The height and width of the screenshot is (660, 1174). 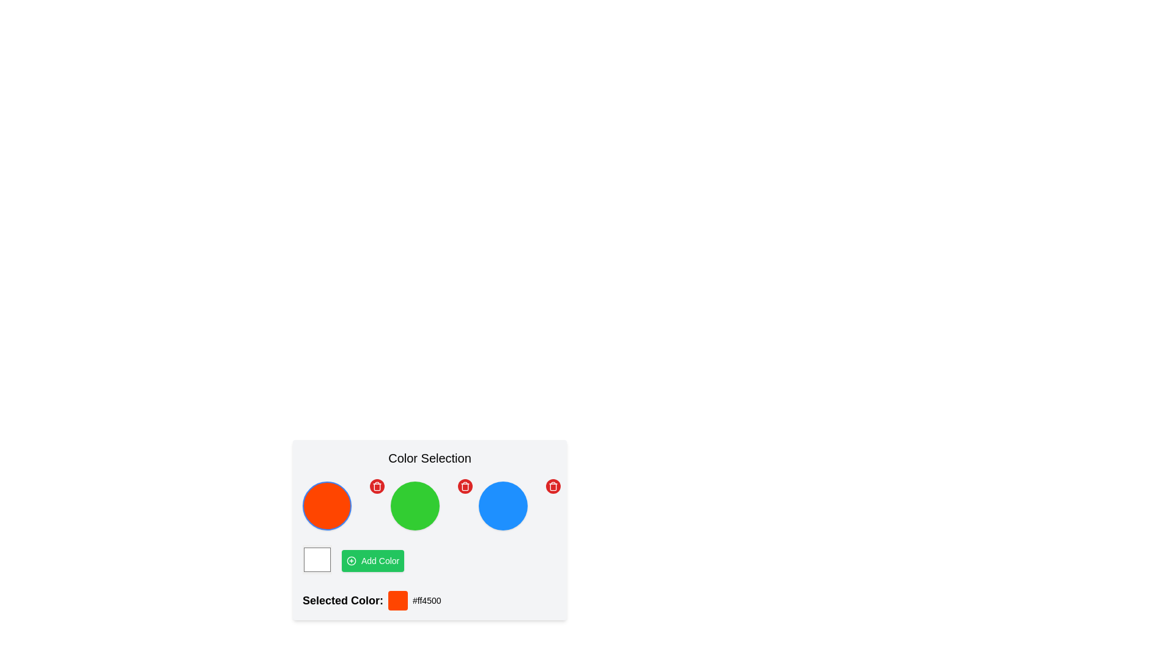 What do you see at coordinates (517, 506) in the screenshot?
I see `the third circular color selection option in the color selection interface` at bounding box center [517, 506].